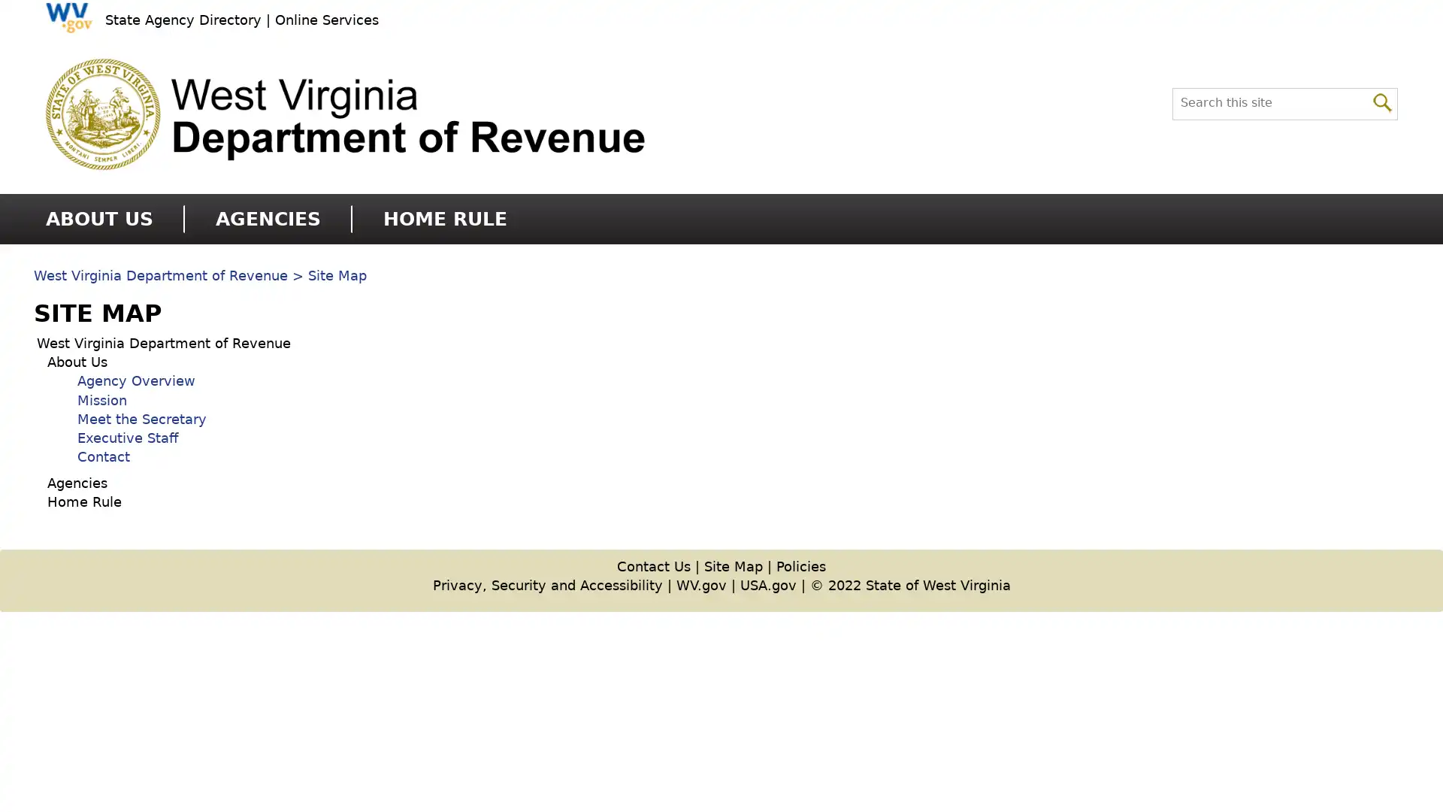 The height and width of the screenshot is (812, 1443). Describe the element at coordinates (1382, 101) in the screenshot. I see `Search` at that location.